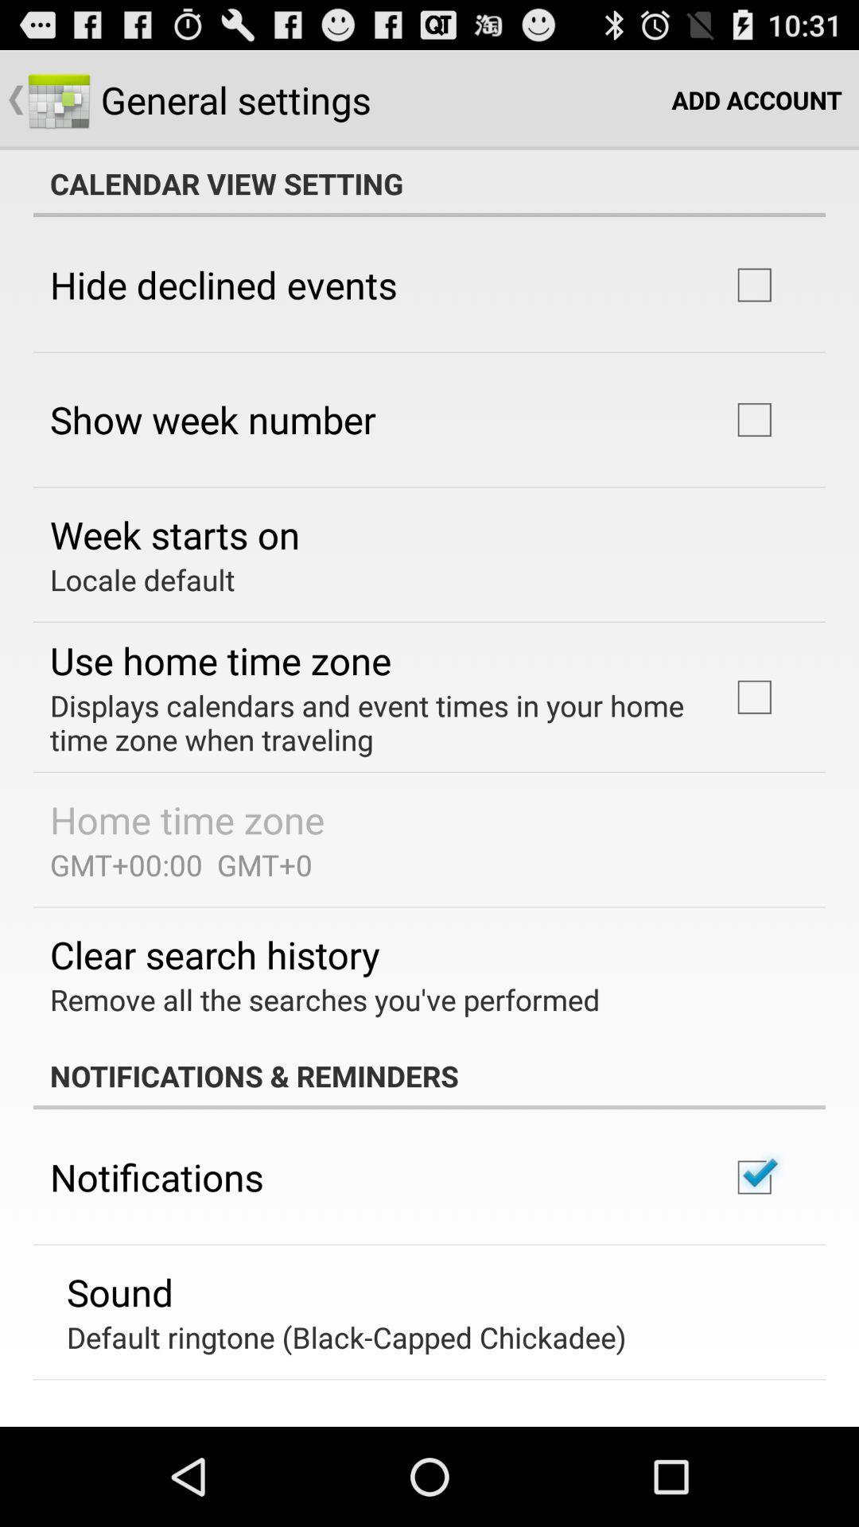 The width and height of the screenshot is (859, 1527). What do you see at coordinates (345, 1336) in the screenshot?
I see `the default ringtone black item` at bounding box center [345, 1336].